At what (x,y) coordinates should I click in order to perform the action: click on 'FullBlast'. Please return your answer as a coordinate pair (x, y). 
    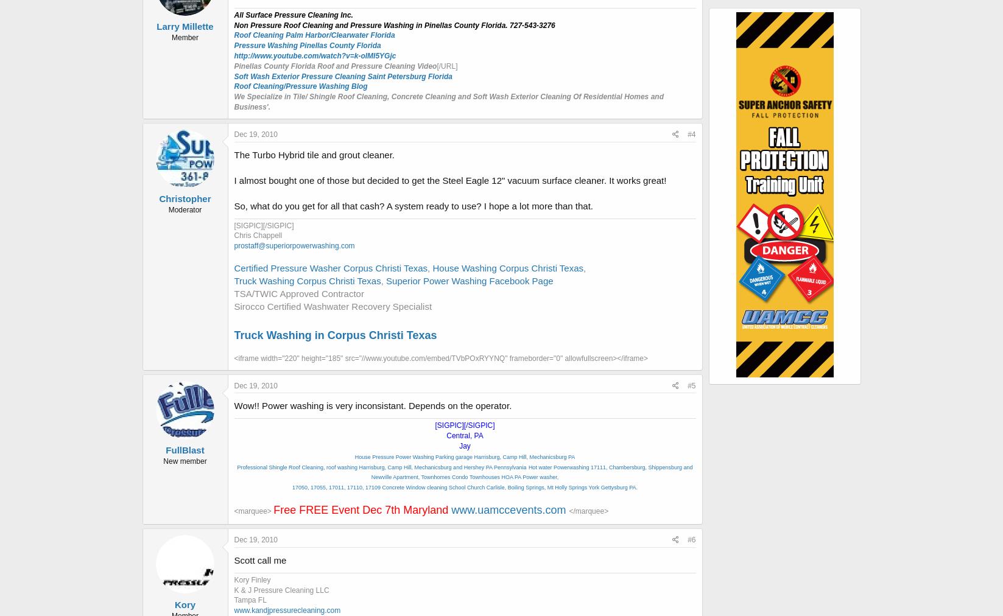
    Looking at the image, I should click on (184, 450).